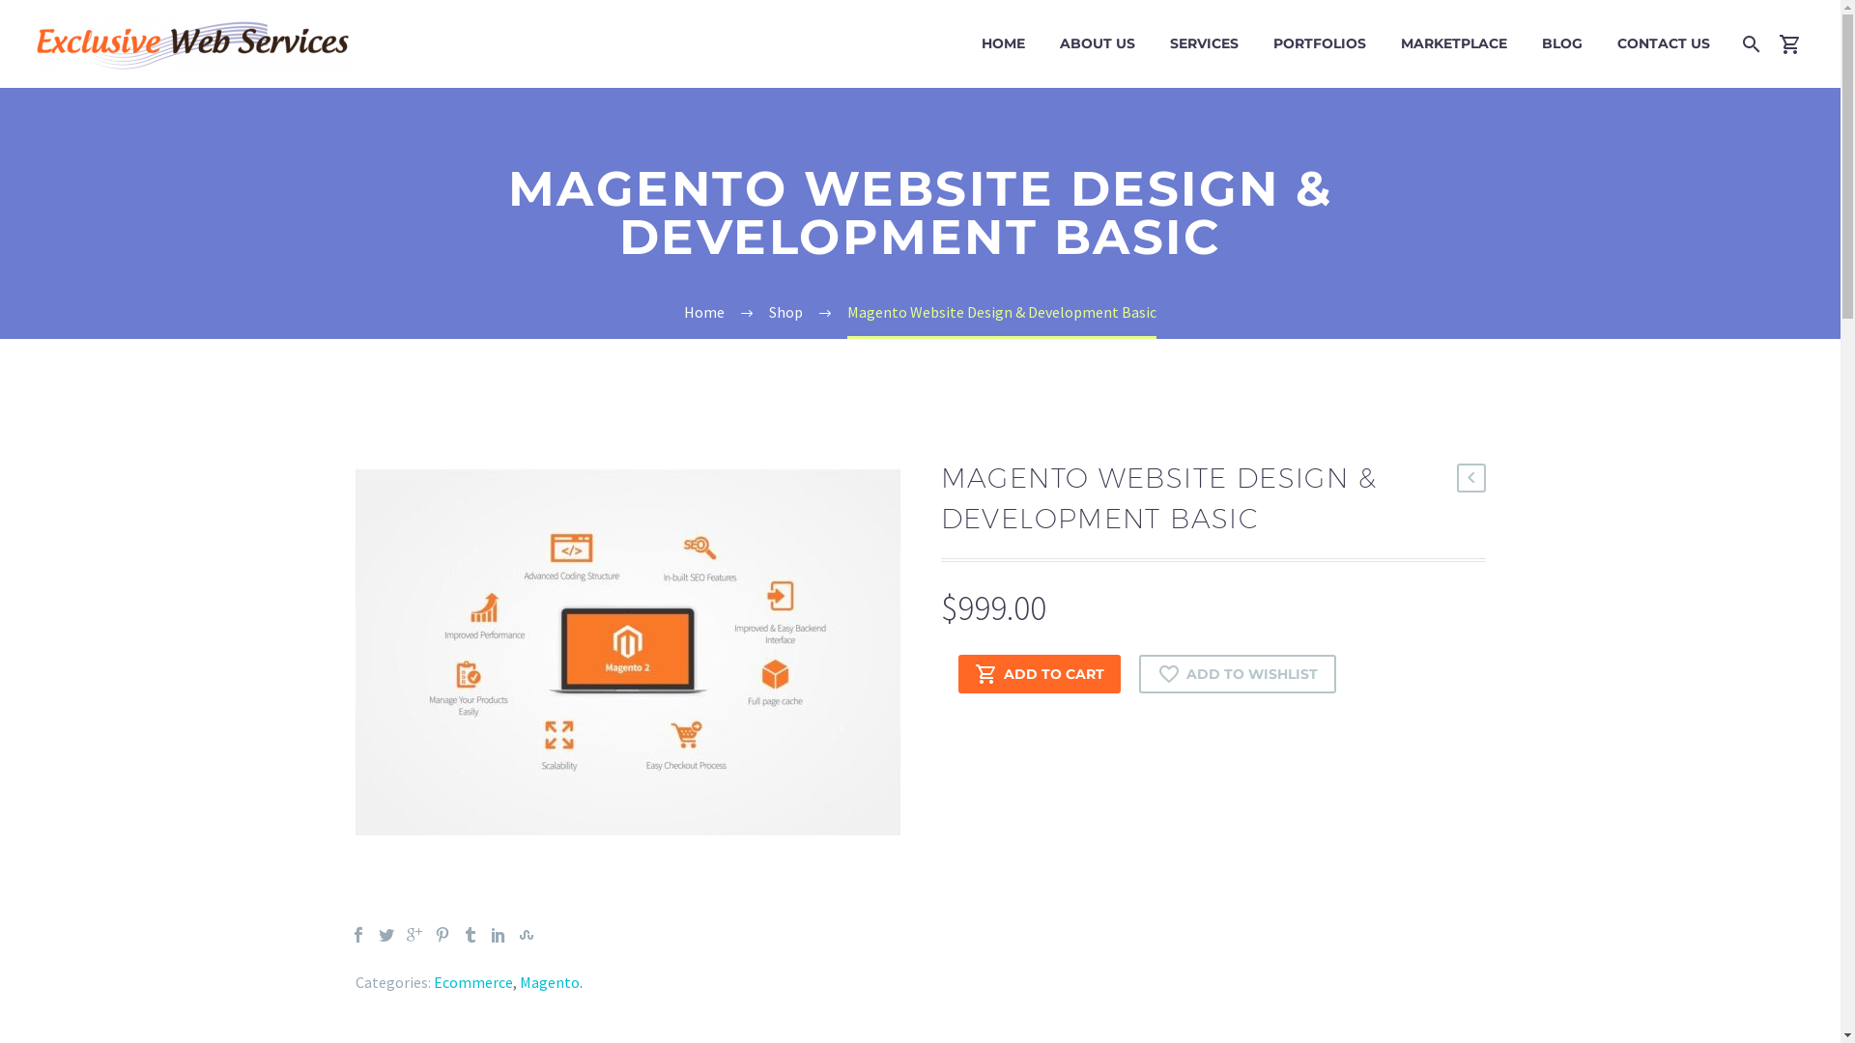 The image size is (1855, 1043). I want to click on 'Home', so click(684, 311).